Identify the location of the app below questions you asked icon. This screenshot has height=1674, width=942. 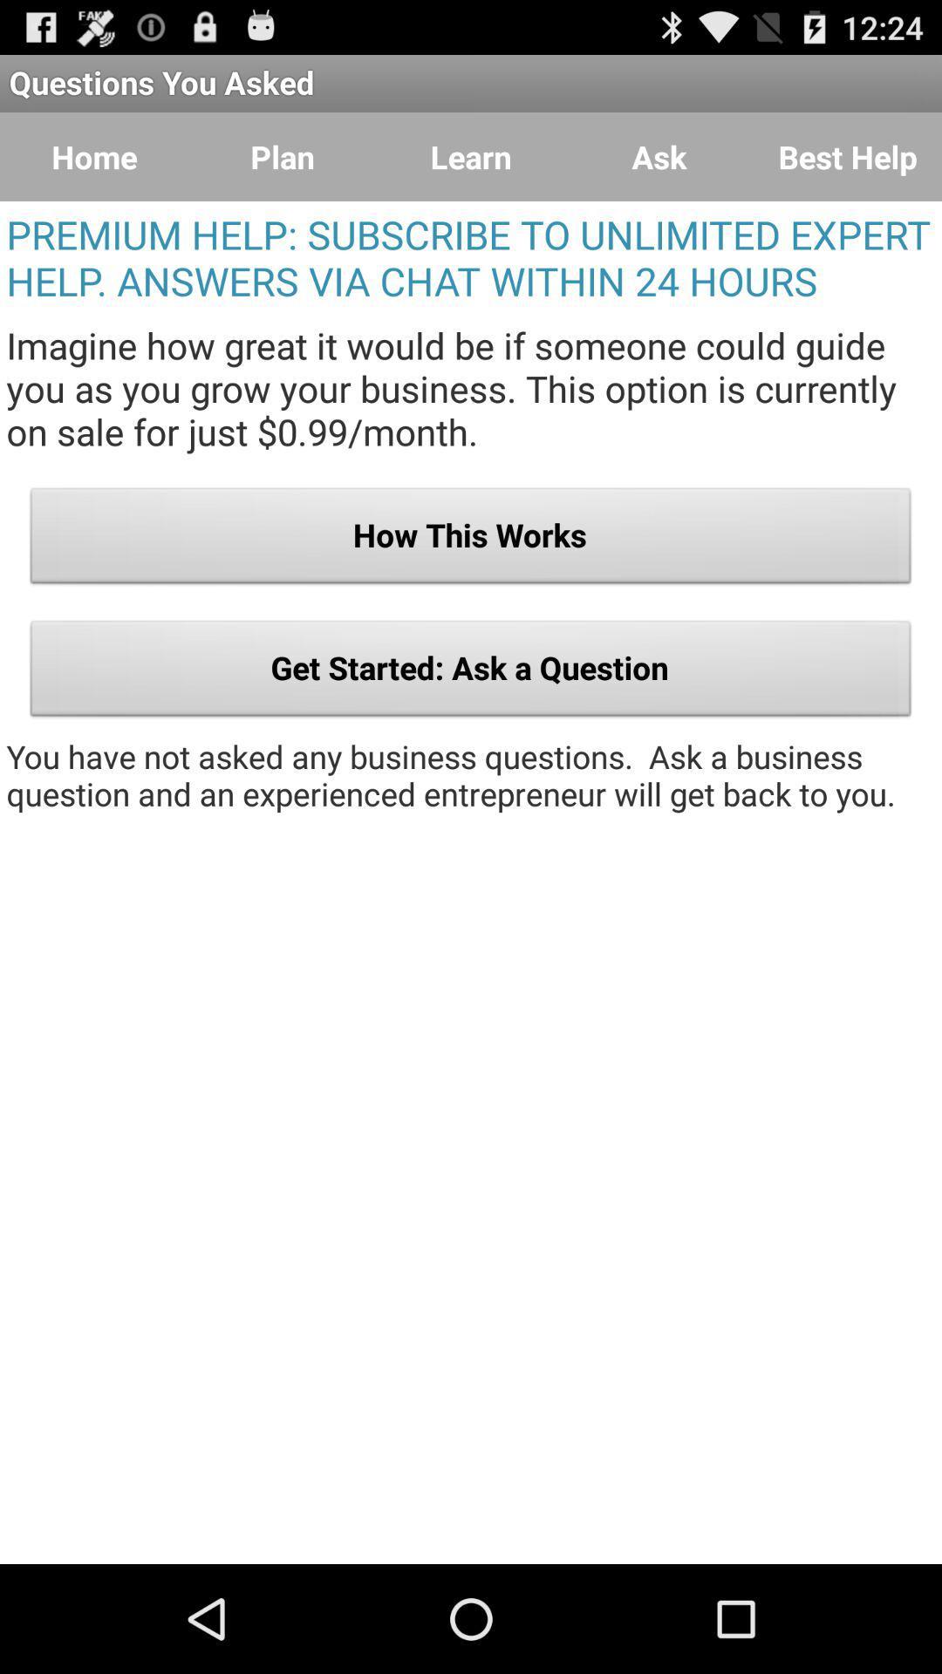
(471, 157).